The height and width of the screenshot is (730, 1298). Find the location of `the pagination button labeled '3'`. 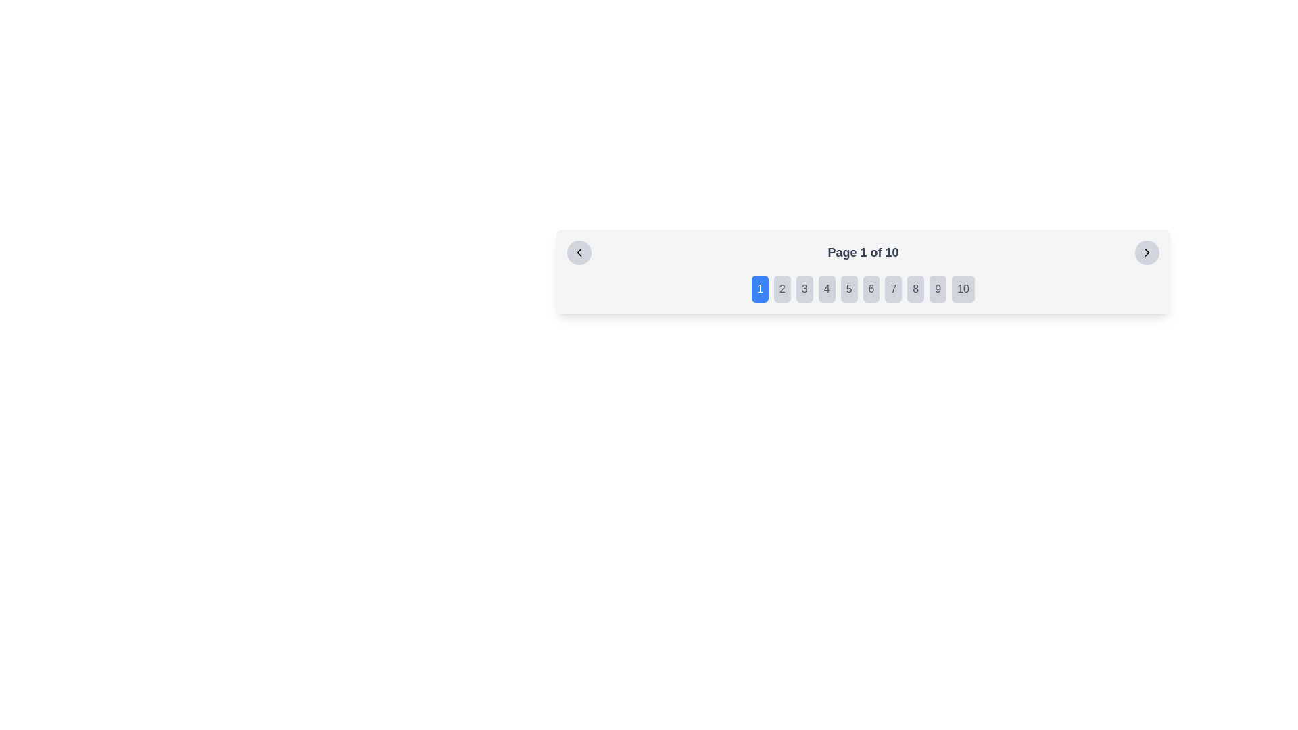

the pagination button labeled '3' is located at coordinates (804, 289).